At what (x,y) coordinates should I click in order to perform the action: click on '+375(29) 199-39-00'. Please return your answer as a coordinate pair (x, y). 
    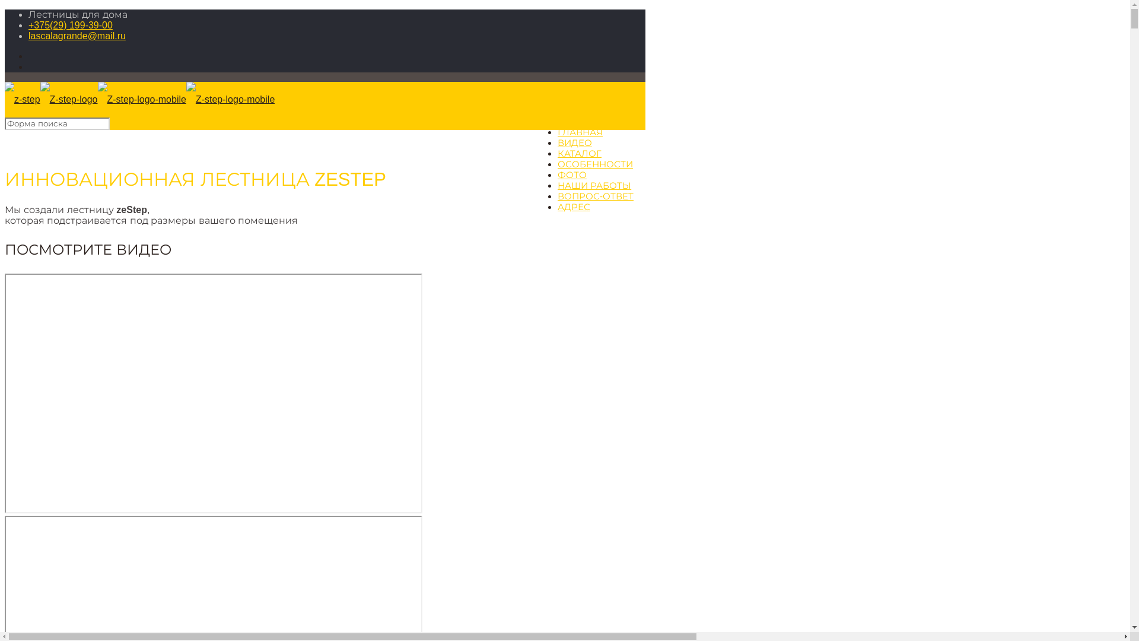
    Looking at the image, I should click on (70, 25).